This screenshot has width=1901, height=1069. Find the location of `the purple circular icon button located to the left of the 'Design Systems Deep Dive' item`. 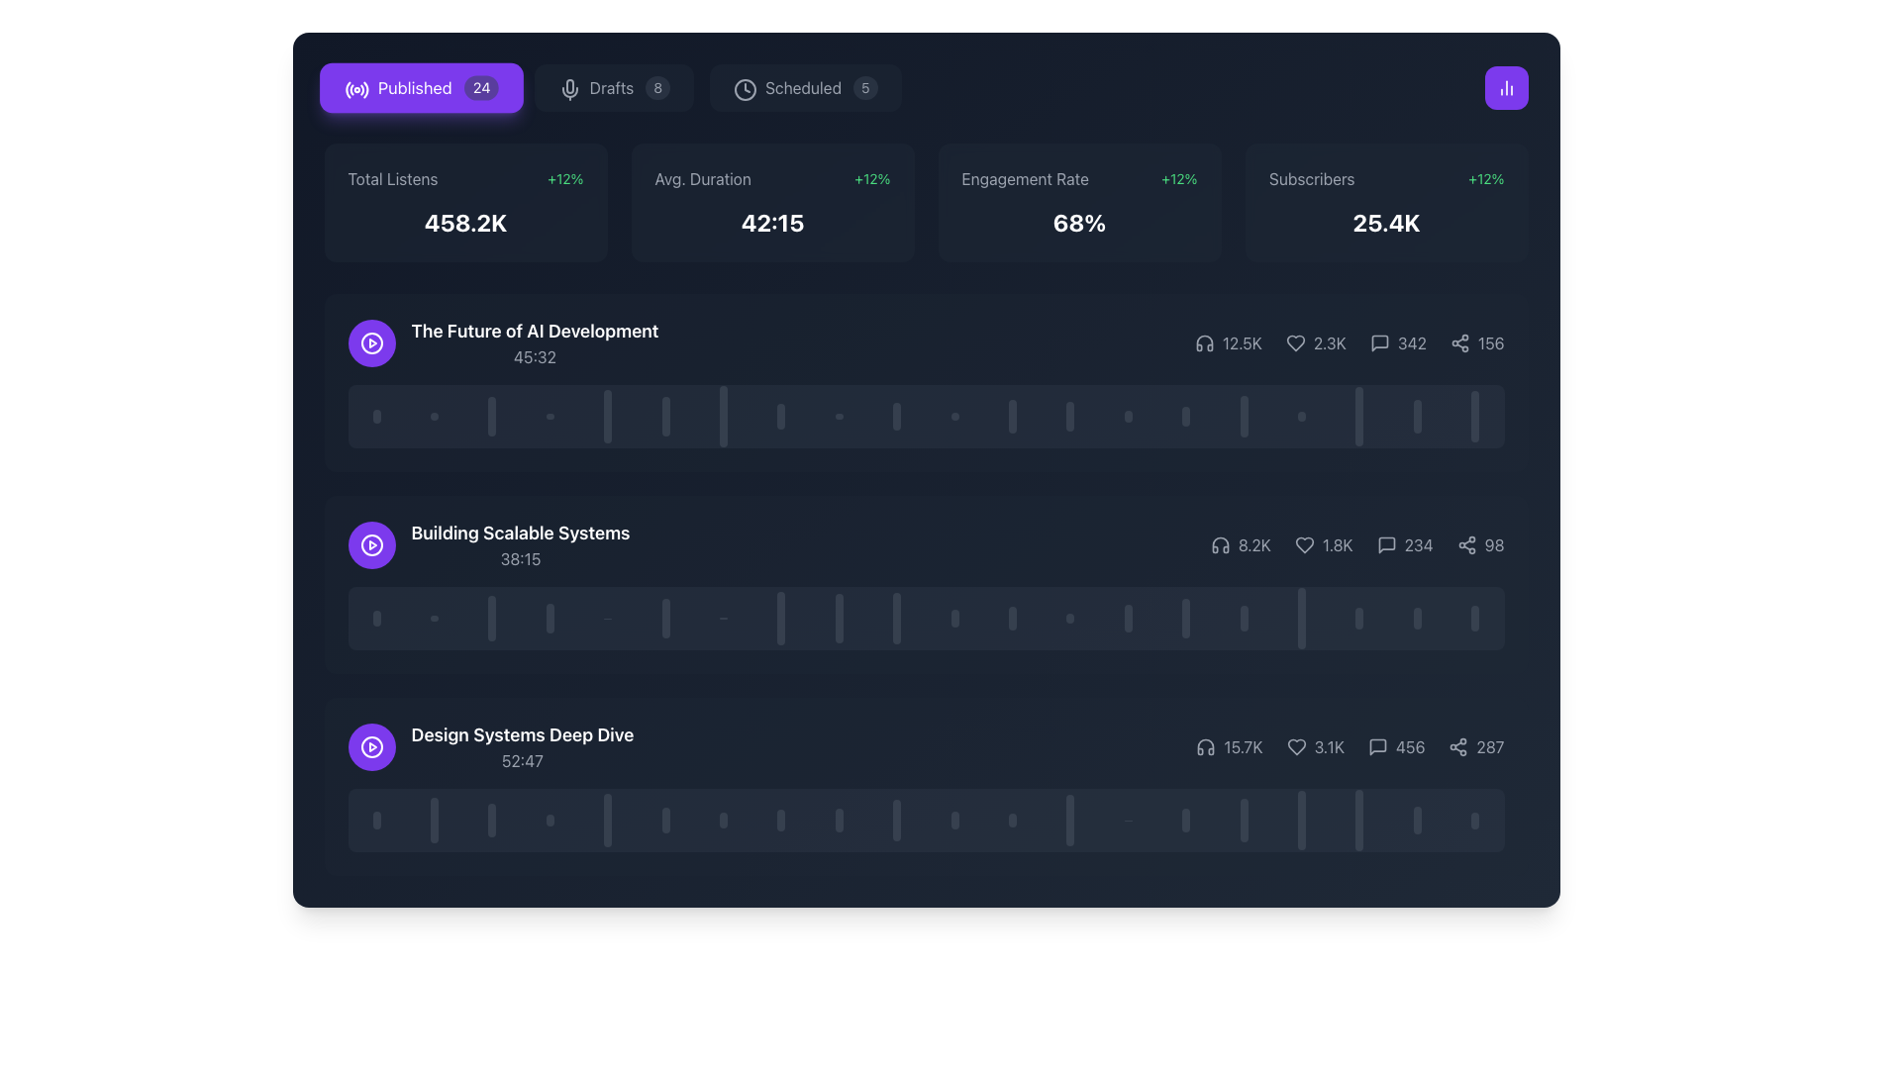

the purple circular icon button located to the left of the 'Design Systems Deep Dive' item is located at coordinates (371, 545).